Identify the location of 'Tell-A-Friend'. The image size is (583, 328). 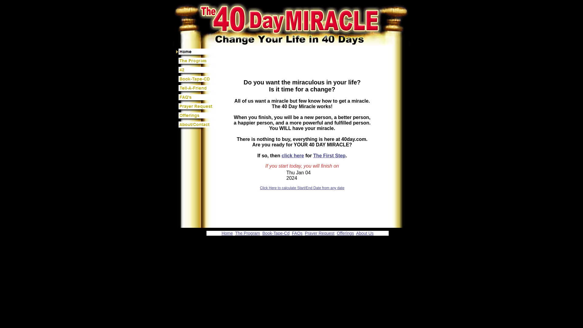
(196, 89).